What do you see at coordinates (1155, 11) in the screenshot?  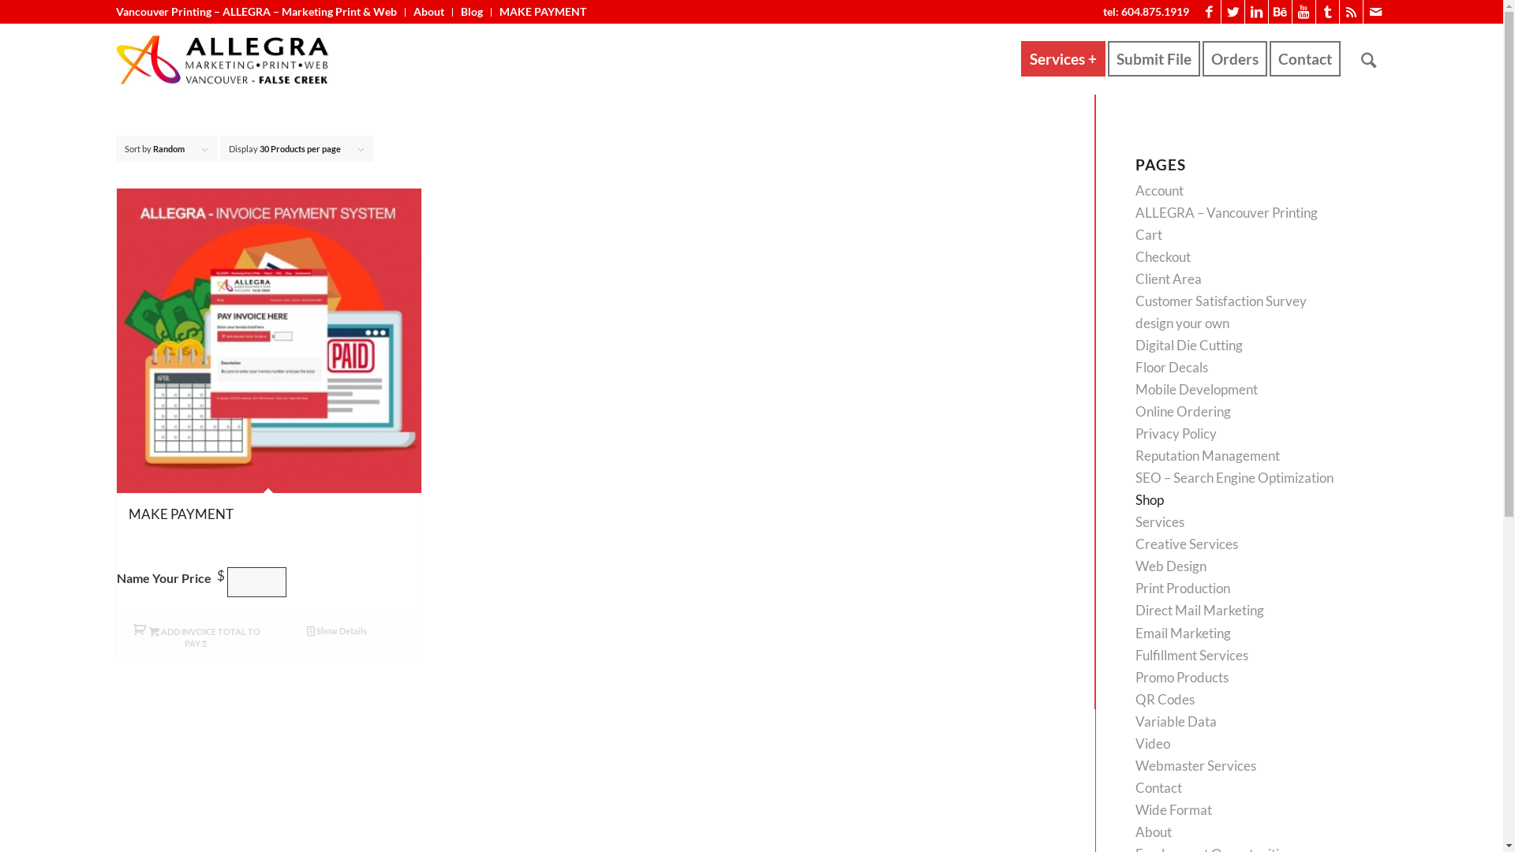 I see `'604.875.1919'` at bounding box center [1155, 11].